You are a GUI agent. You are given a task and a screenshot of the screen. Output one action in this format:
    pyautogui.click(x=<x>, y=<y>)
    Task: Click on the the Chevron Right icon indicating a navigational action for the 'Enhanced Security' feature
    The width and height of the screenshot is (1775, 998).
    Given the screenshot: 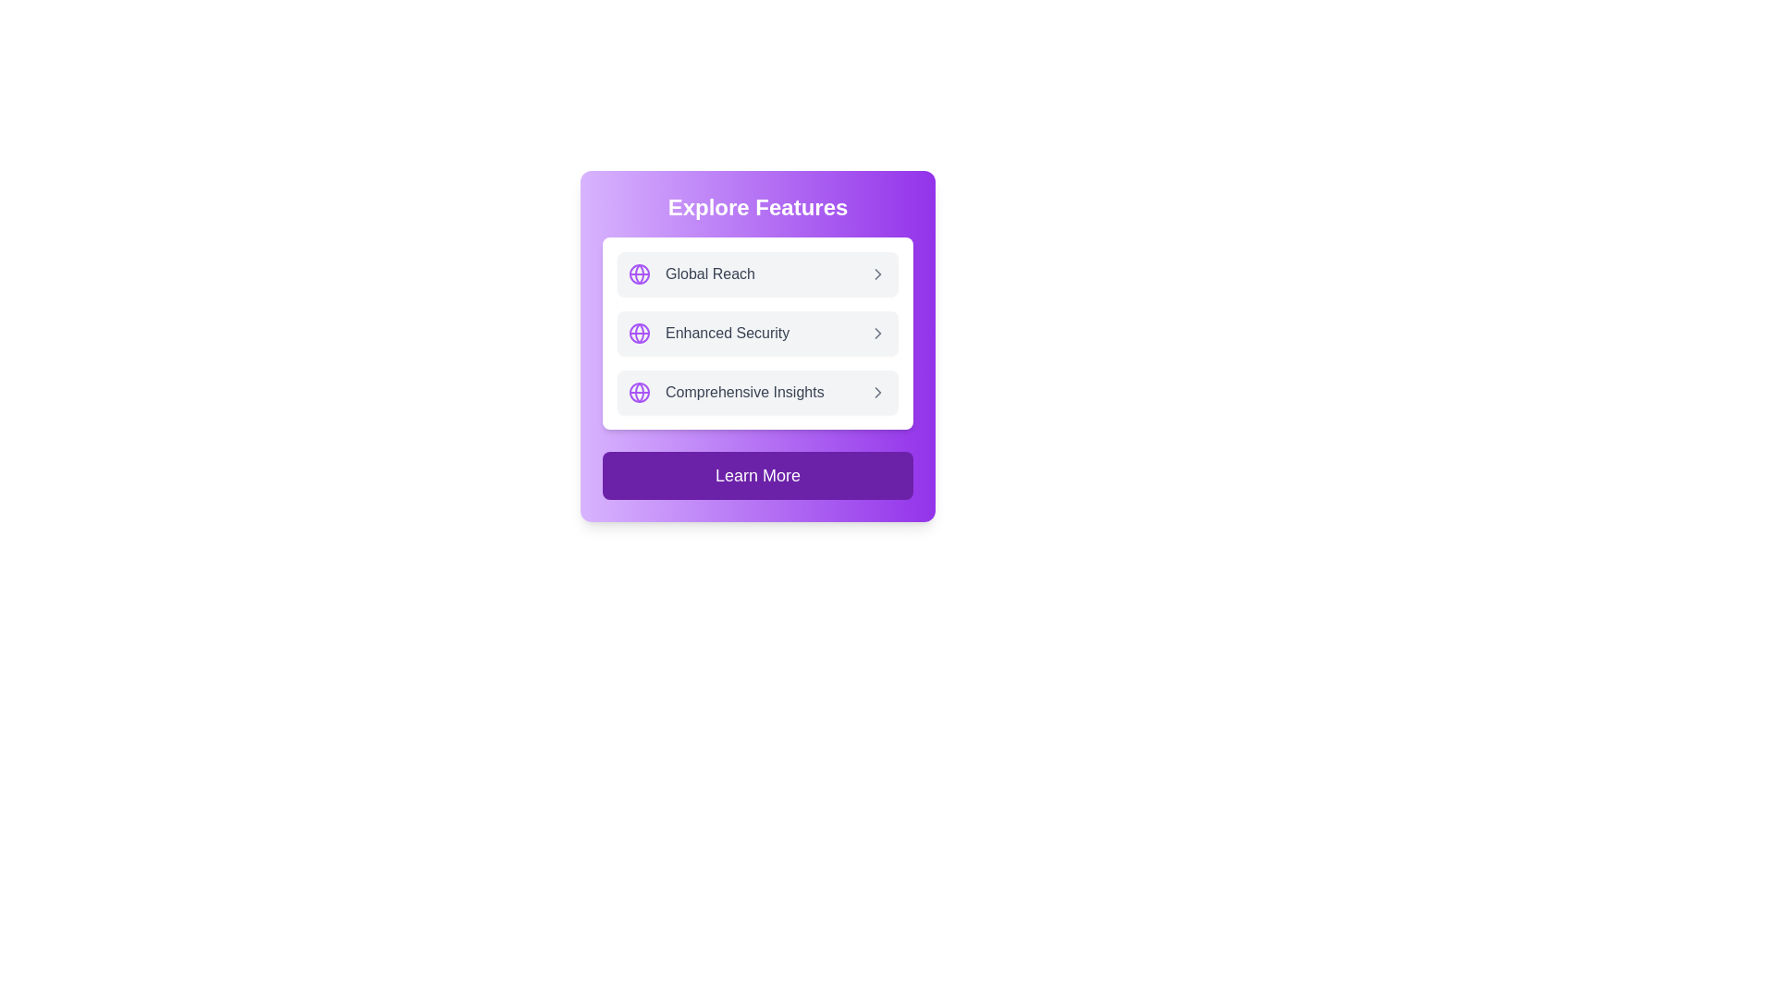 What is the action you would take?
    pyautogui.click(x=877, y=334)
    